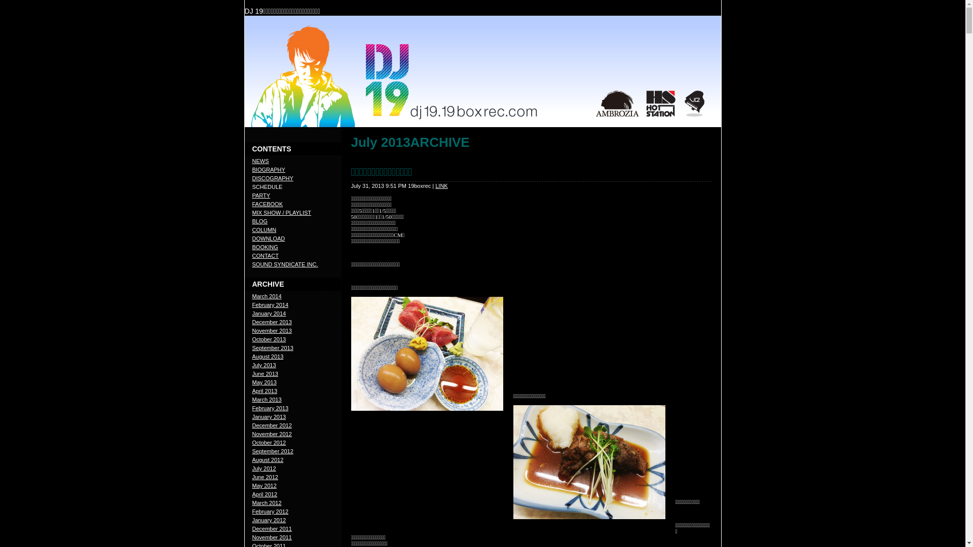 The width and height of the screenshot is (973, 547). Describe the element at coordinates (252, 528) in the screenshot. I see `'December 2011'` at that location.